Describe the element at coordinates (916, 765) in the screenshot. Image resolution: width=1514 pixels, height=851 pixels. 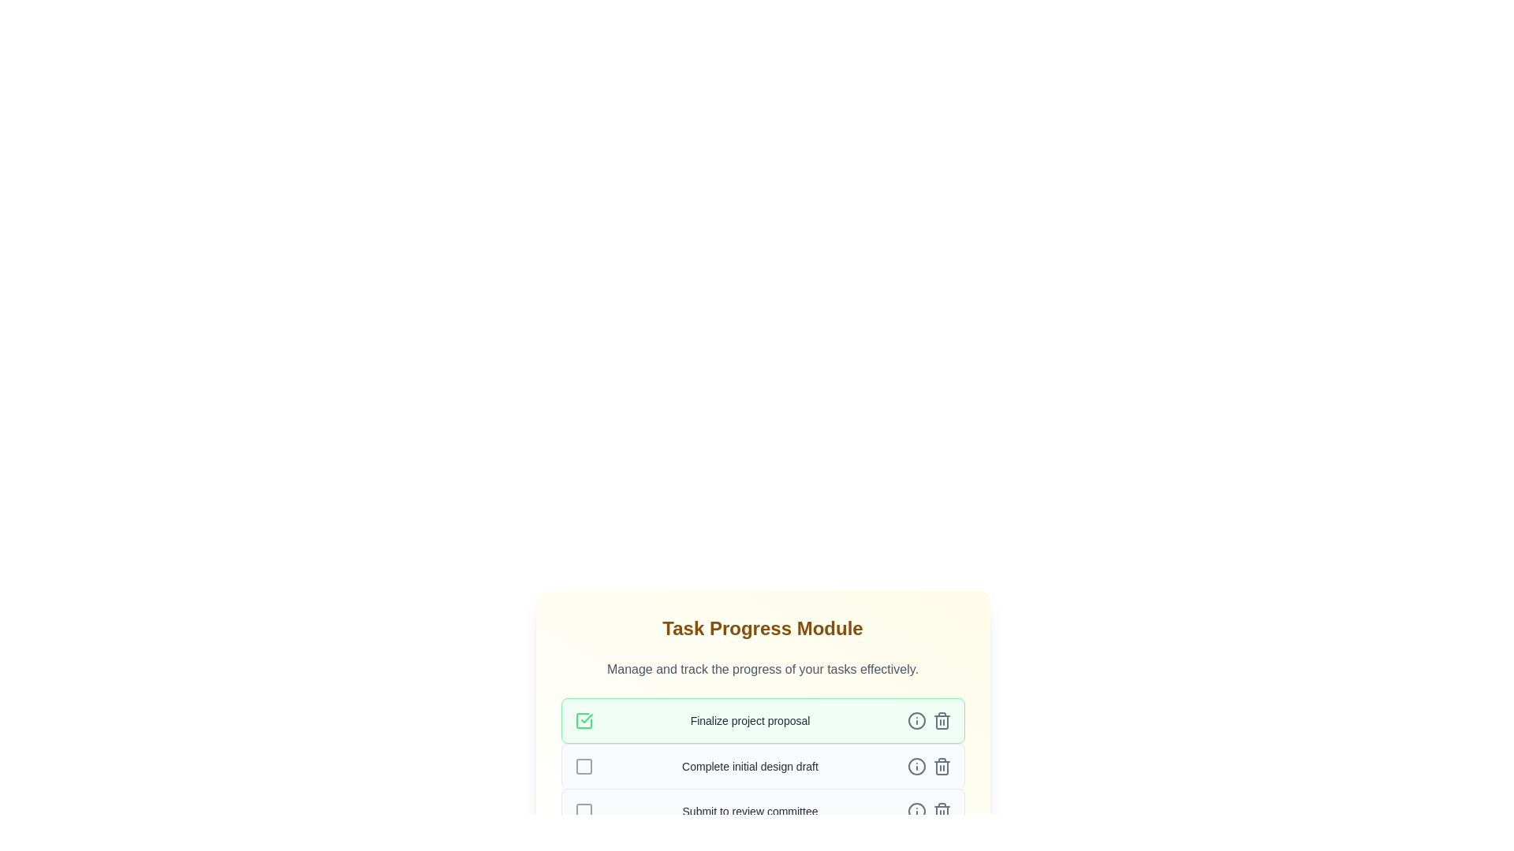
I see `the circular icon graphic that is part of the task list next to 'Complete initial design draft.'` at that location.